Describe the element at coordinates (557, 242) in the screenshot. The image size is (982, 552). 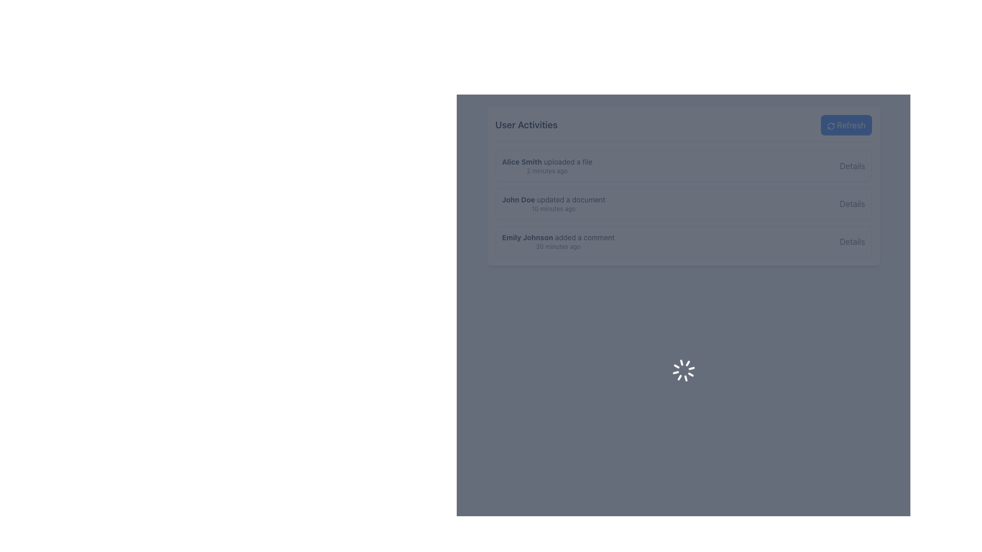
I see `the static text element displaying 'Emily Johnson added a comment' within the 'User Activities' panel` at that location.